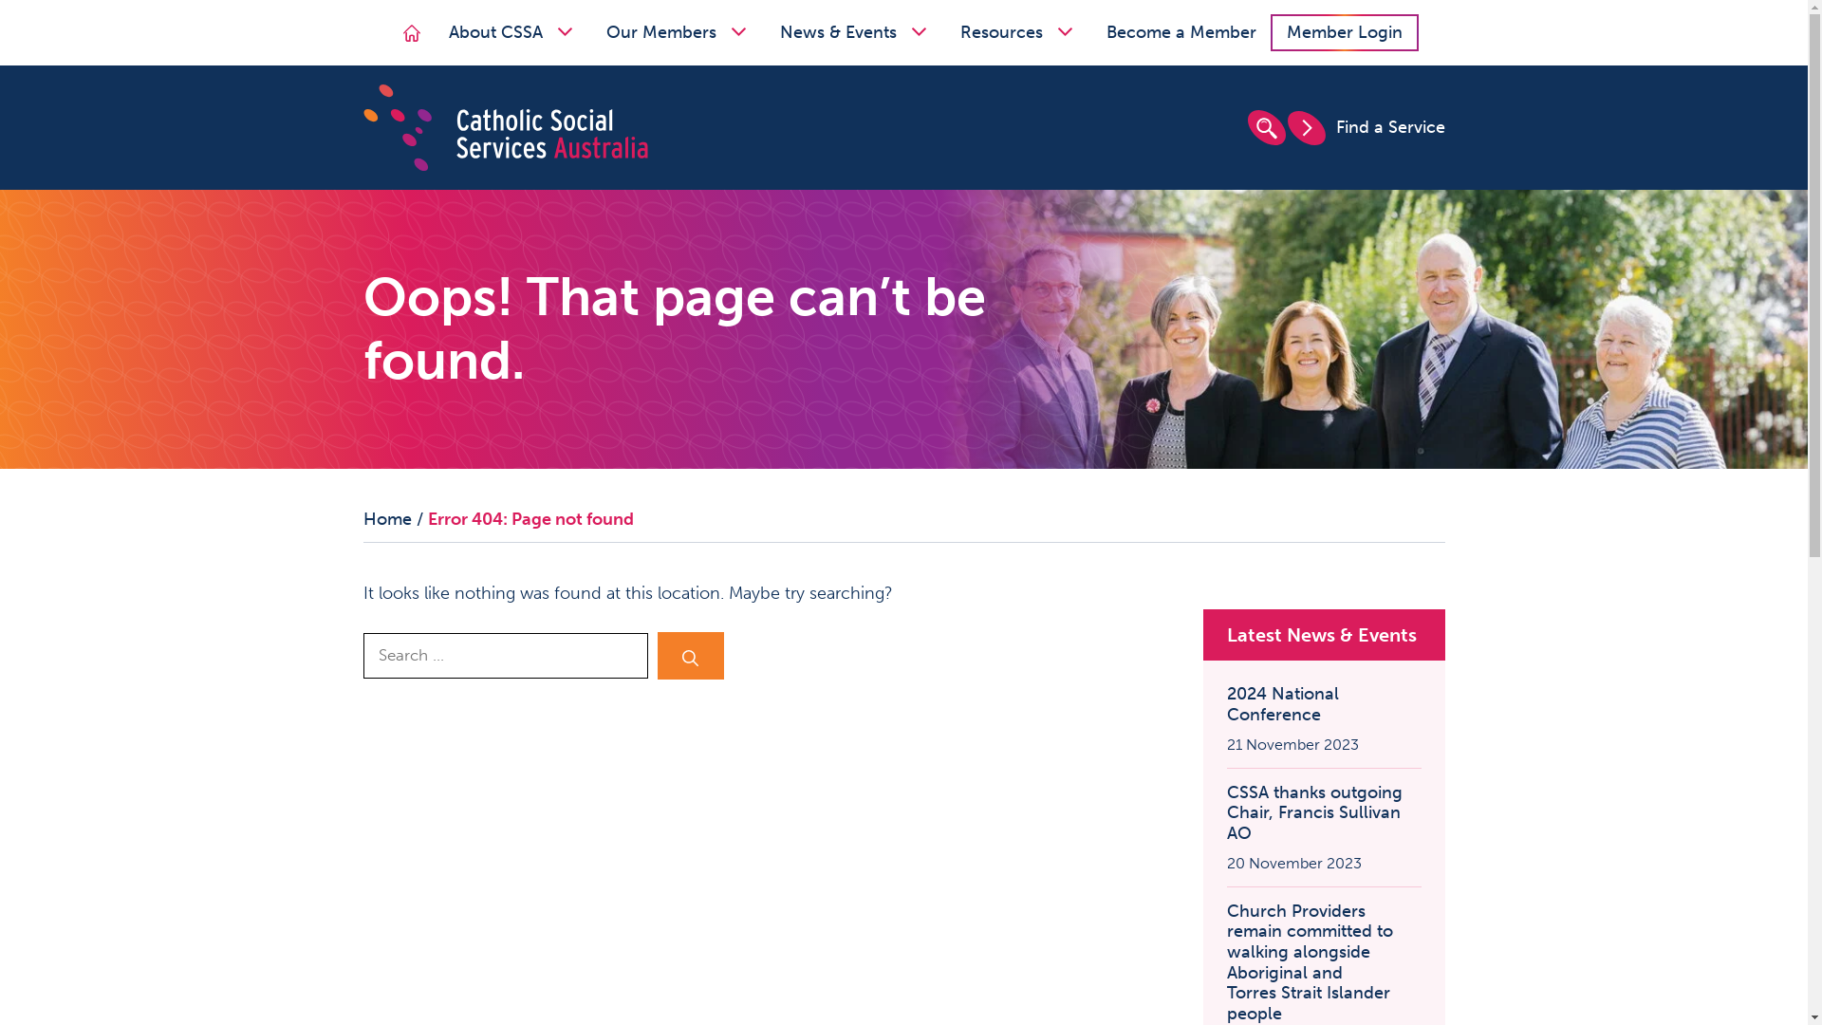  Describe the element at coordinates (505, 125) in the screenshot. I see `'Catholic Social Services Australia'` at that location.